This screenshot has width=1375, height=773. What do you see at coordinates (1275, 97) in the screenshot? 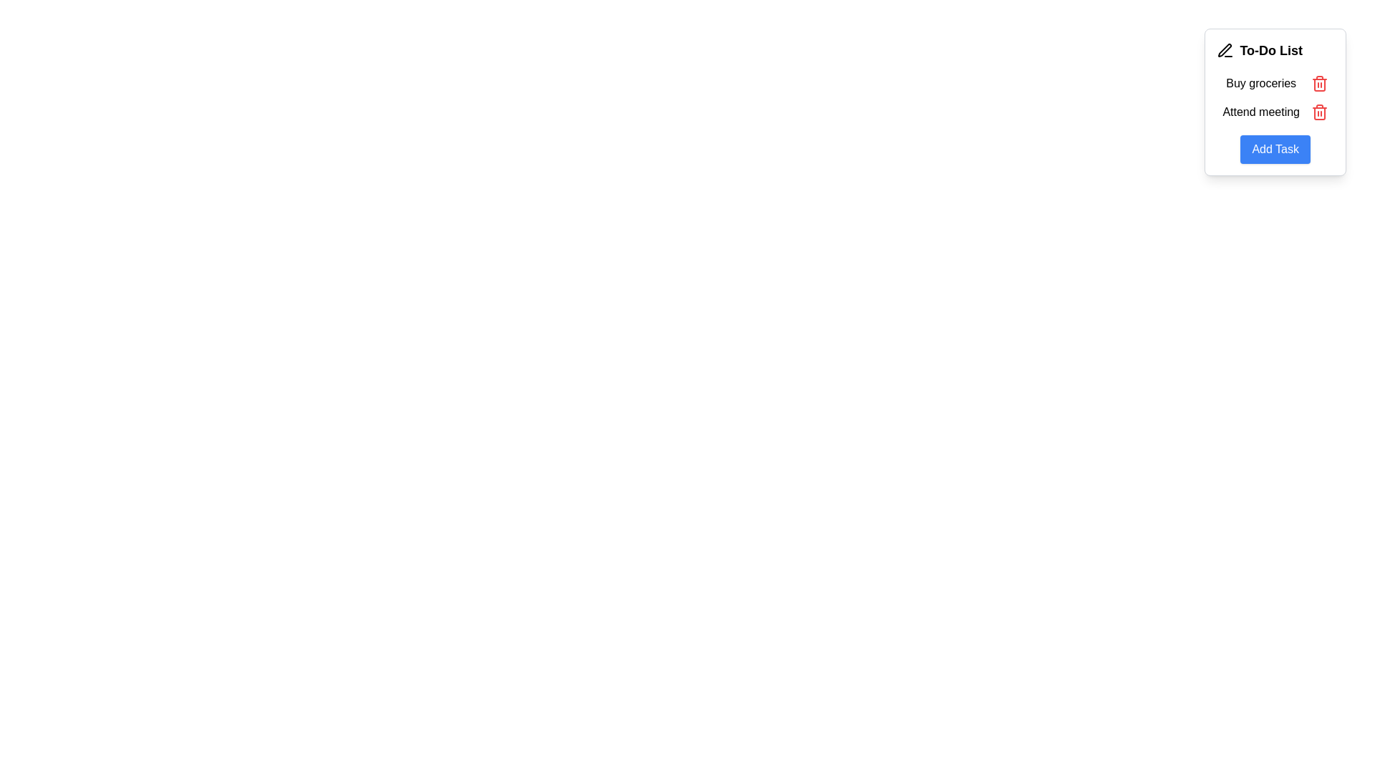
I see `the second task item 'Attend meeting' in the Task list with actionable icons` at bounding box center [1275, 97].